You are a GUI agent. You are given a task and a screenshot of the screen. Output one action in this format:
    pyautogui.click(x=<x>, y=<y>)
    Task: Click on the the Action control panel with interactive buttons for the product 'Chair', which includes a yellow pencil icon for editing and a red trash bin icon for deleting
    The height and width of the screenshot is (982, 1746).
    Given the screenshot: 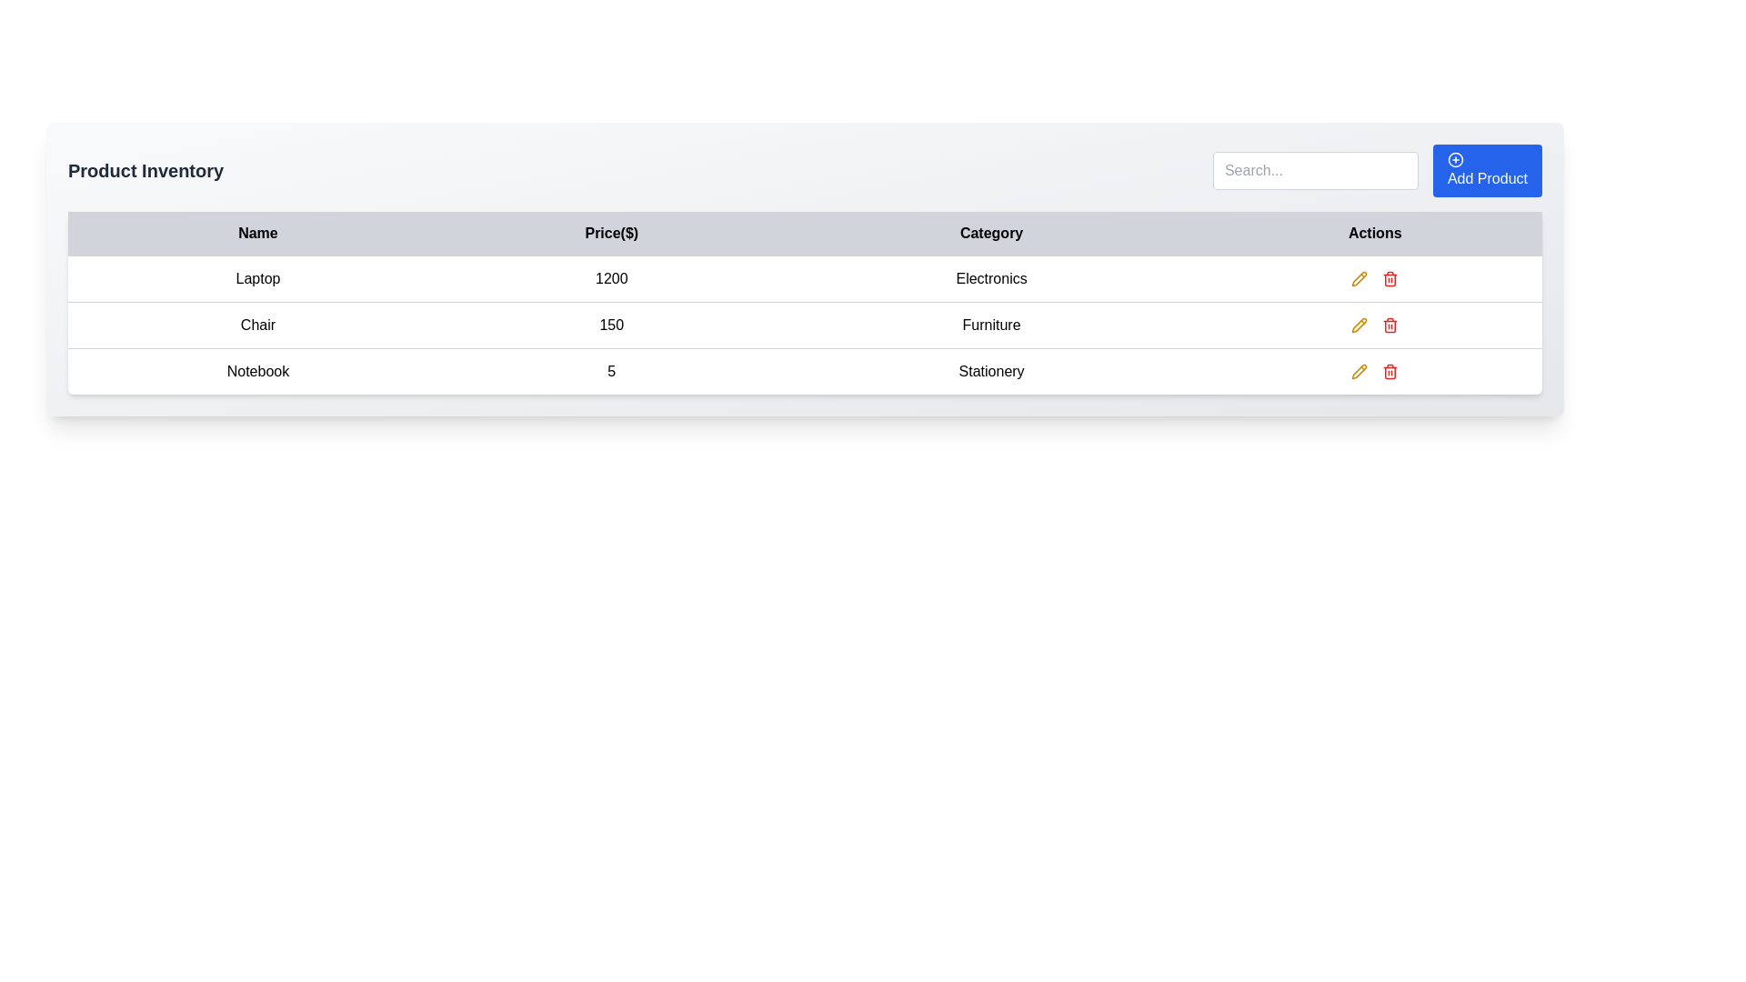 What is the action you would take?
    pyautogui.click(x=1375, y=325)
    